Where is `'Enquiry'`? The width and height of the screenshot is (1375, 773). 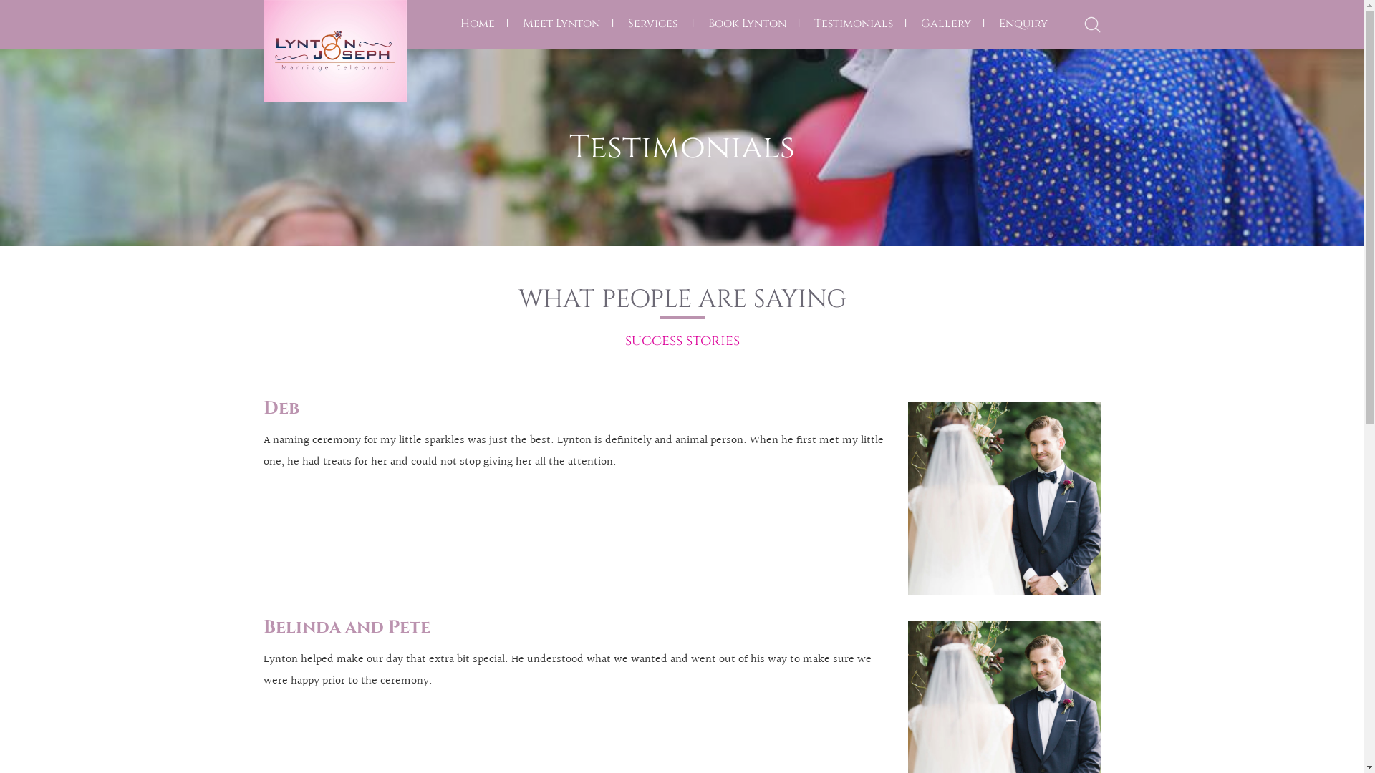 'Enquiry' is located at coordinates (1022, 24).